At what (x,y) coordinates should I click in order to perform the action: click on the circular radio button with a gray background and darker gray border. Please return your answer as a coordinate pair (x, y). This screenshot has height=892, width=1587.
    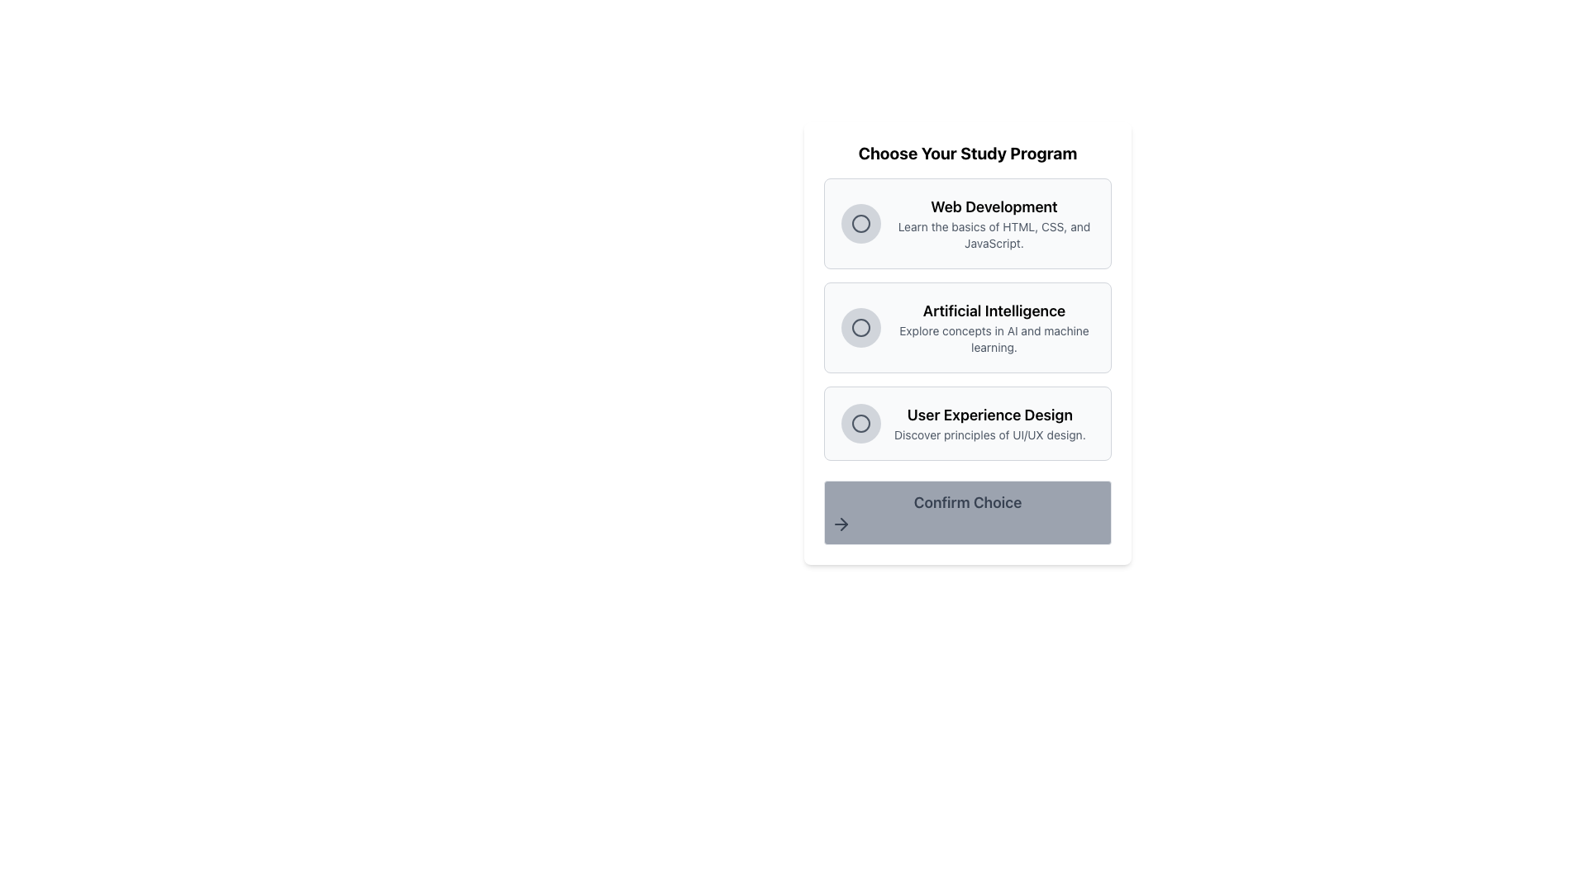
    Looking at the image, I should click on (860, 328).